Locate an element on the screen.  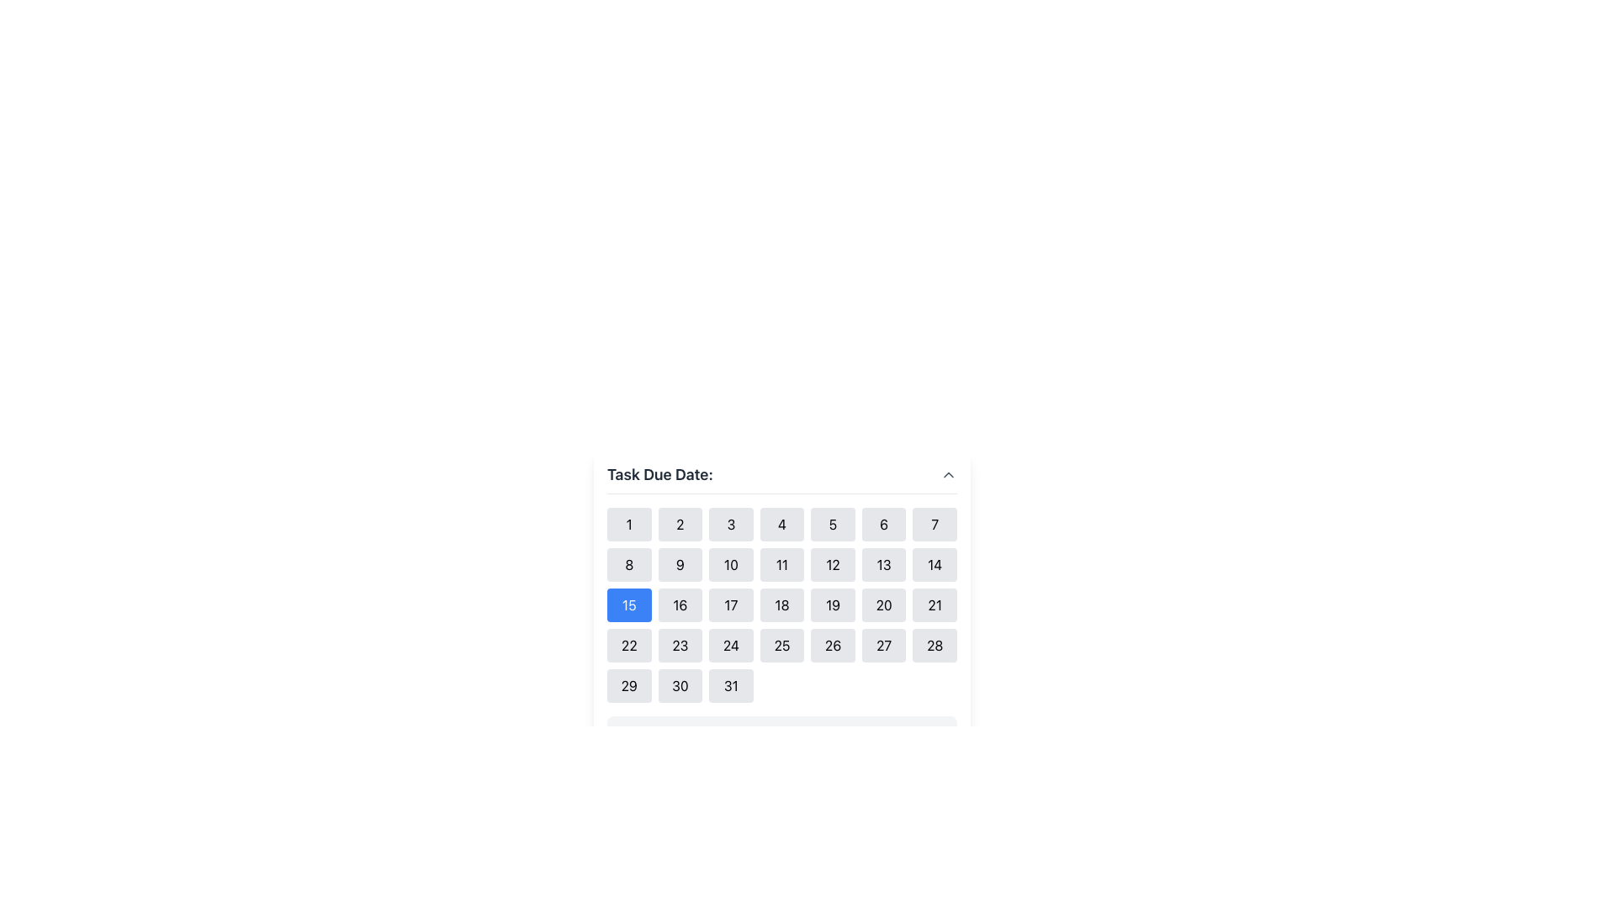
the chevron icon located to the right of the 'Task Due Date:' label is located at coordinates (949, 474).